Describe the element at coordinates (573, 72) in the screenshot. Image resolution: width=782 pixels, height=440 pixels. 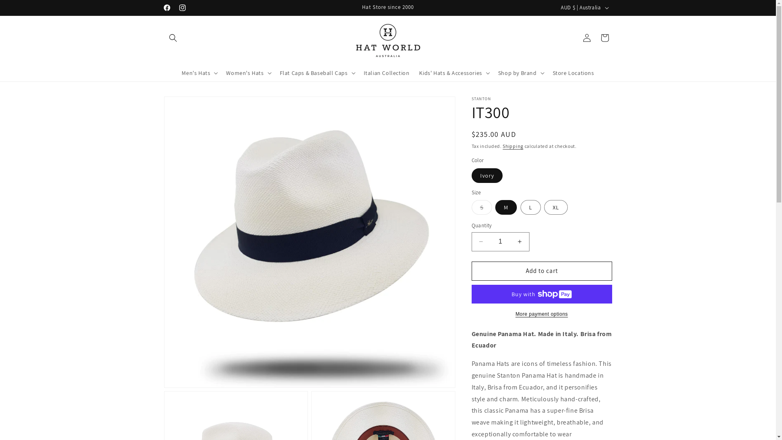
I see `'Store Locations'` at that location.